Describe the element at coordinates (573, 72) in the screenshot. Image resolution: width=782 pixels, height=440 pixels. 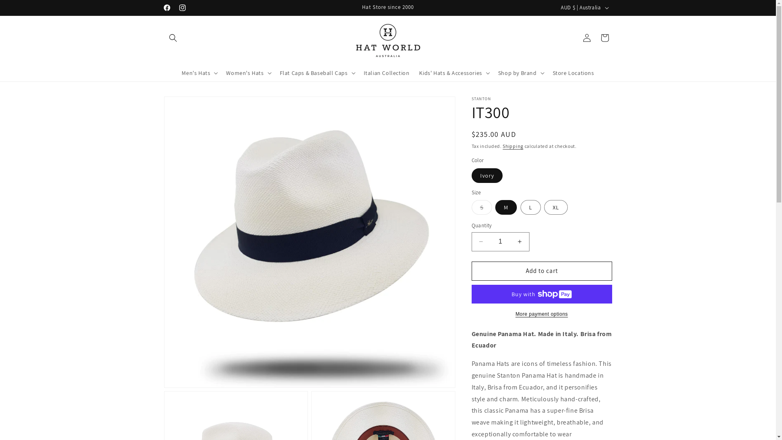
I see `'Store Locations'` at that location.